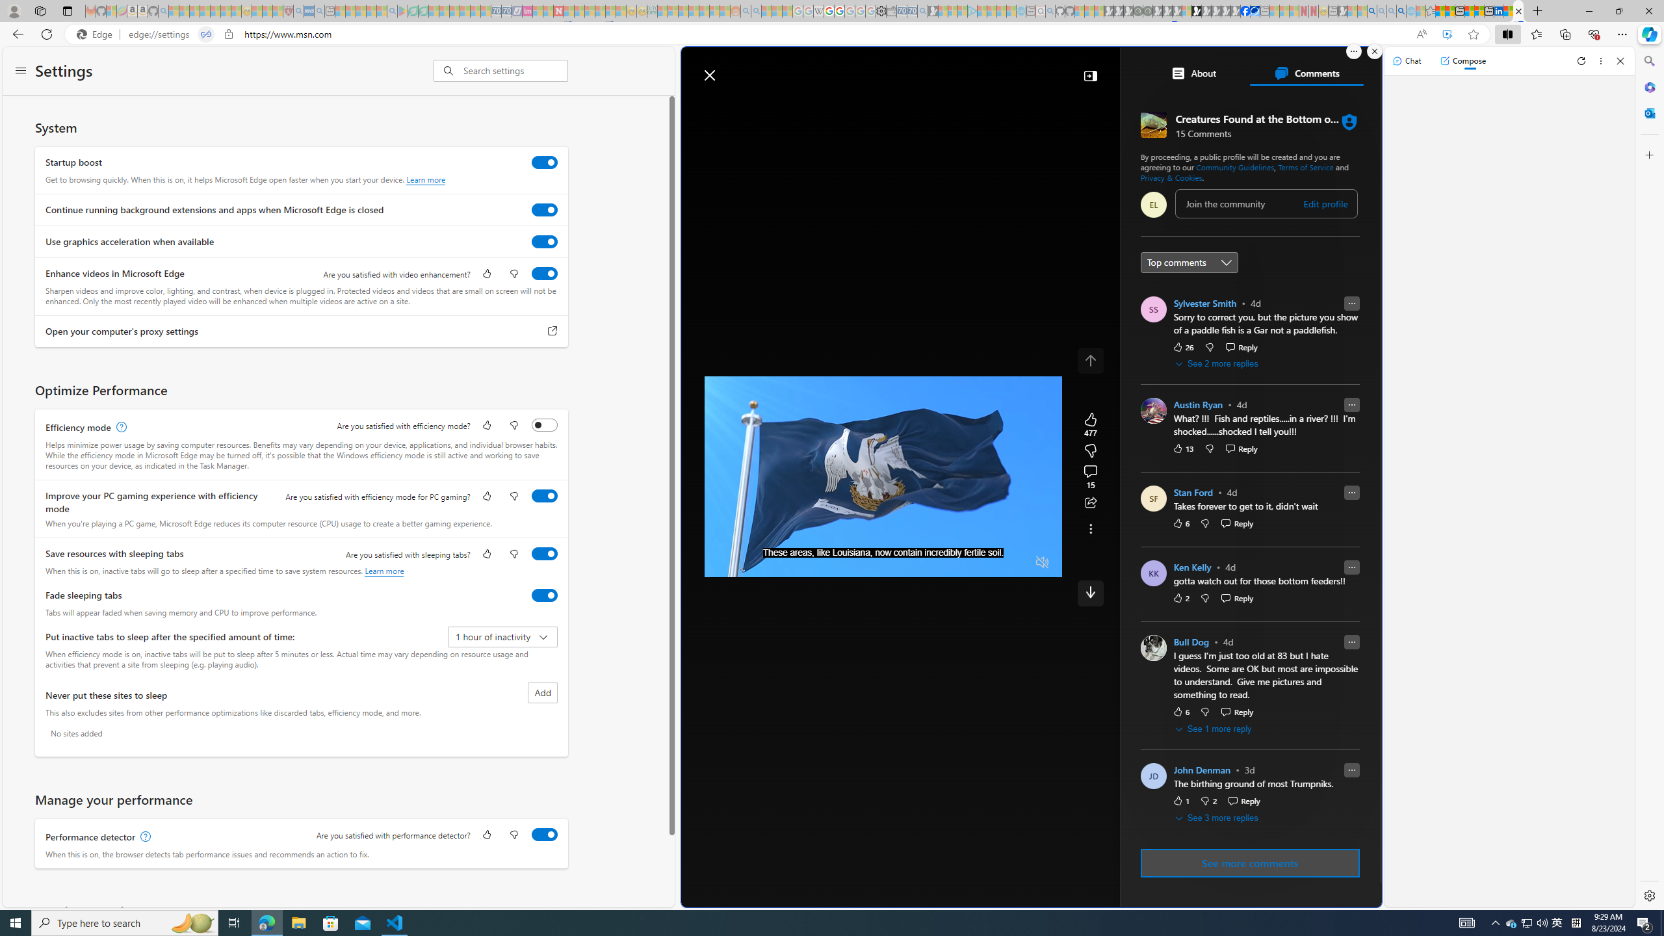 This screenshot has width=1664, height=936. What do you see at coordinates (544, 273) in the screenshot?
I see `'Enhance videos in Microsoft Edge'` at bounding box center [544, 273].